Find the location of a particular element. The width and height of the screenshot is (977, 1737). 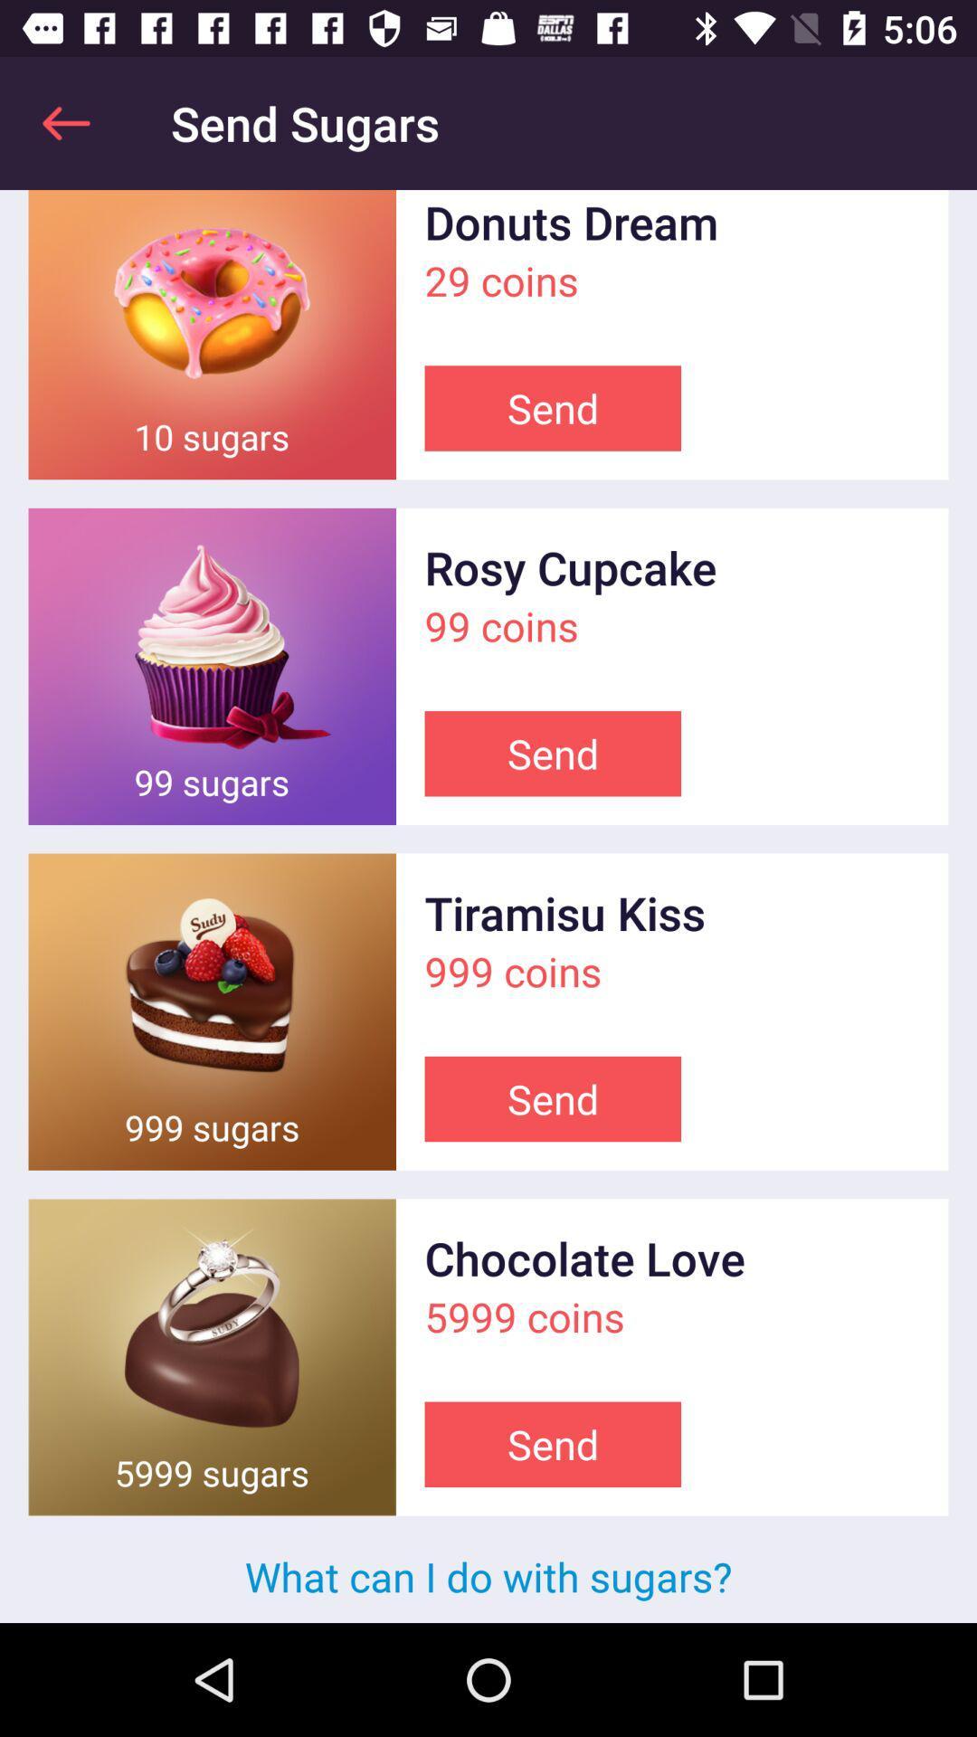

opens a page with more information on the image is located at coordinates (211, 1011).